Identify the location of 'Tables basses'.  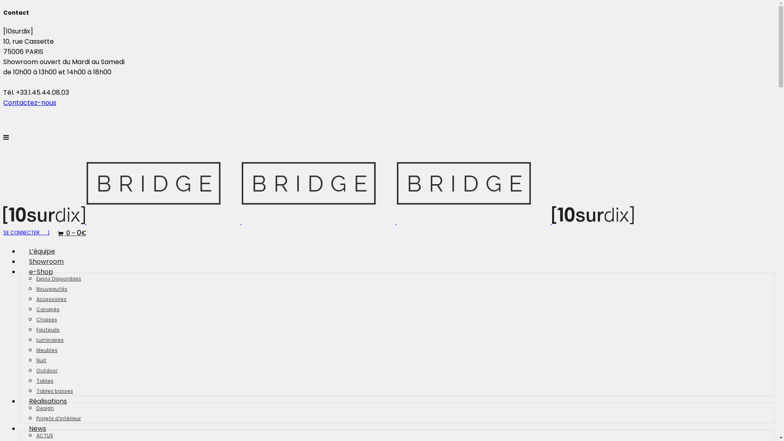
(54, 390).